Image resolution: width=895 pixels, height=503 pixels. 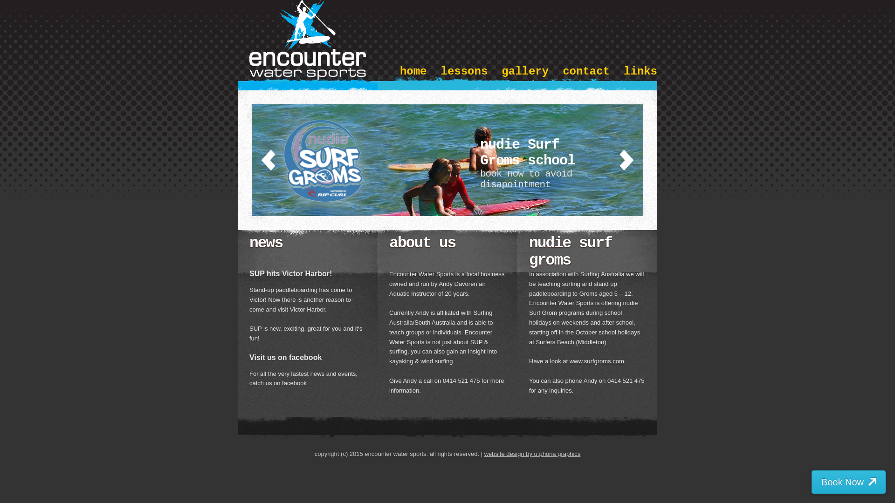 What do you see at coordinates (640, 71) in the screenshot?
I see `'links'` at bounding box center [640, 71].